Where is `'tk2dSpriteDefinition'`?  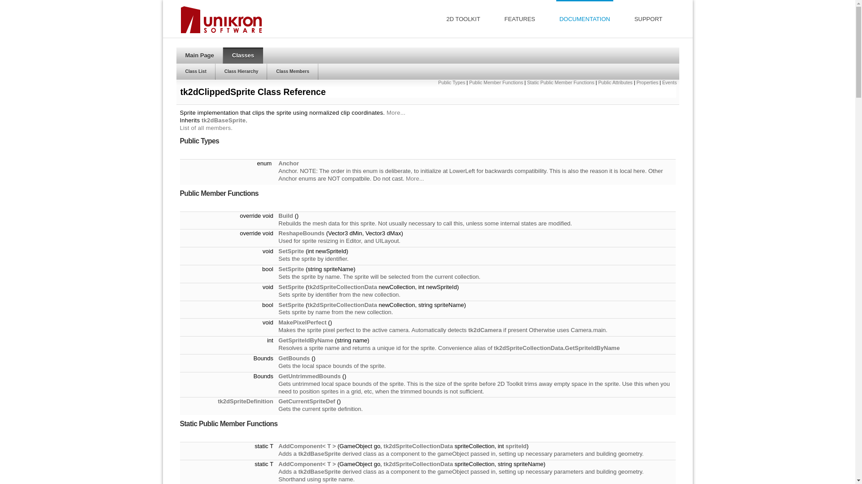
'tk2dSpriteDefinition' is located at coordinates (246, 401).